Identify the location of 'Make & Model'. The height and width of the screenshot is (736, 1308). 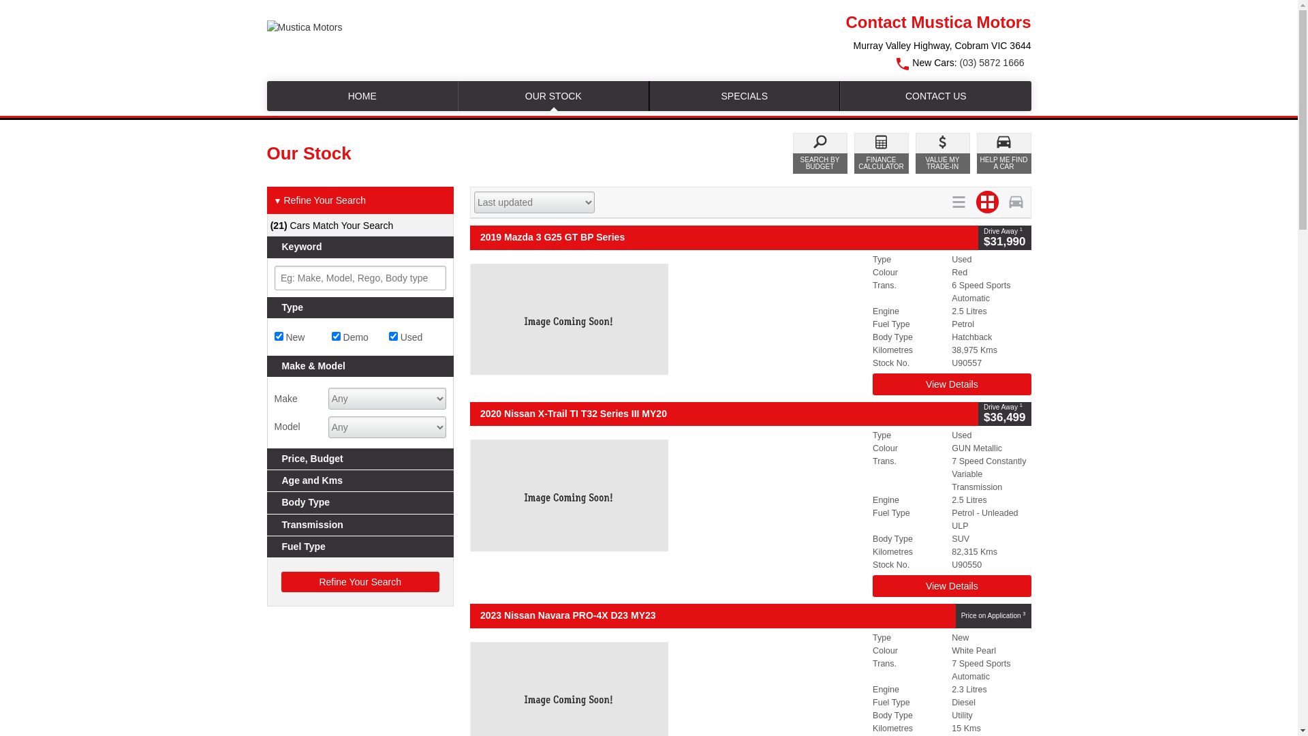
(360, 365).